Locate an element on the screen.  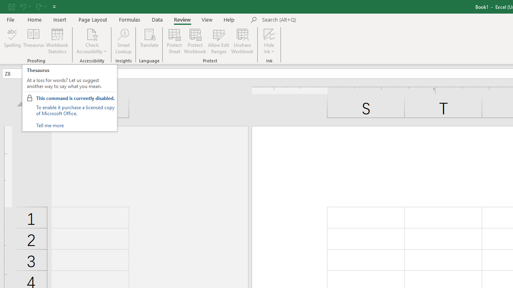
'This command is currently disabled.' is located at coordinates (75, 98).